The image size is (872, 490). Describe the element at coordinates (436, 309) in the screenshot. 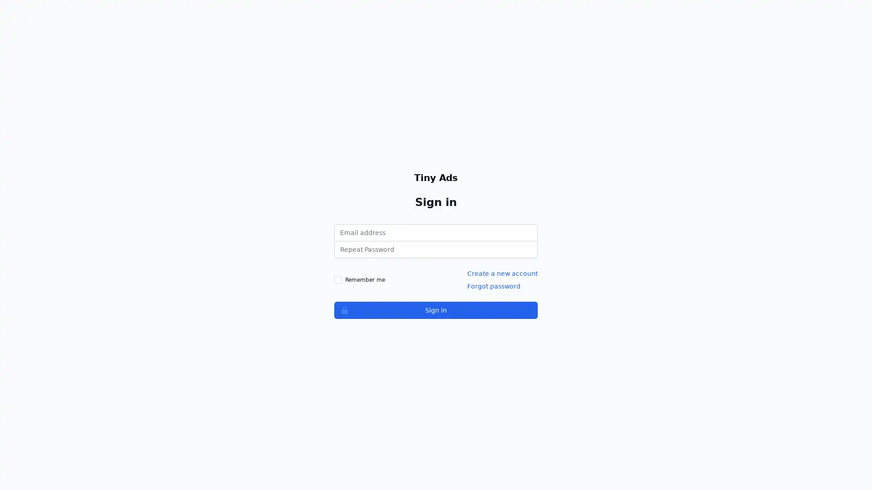

I see `Sign in` at that location.